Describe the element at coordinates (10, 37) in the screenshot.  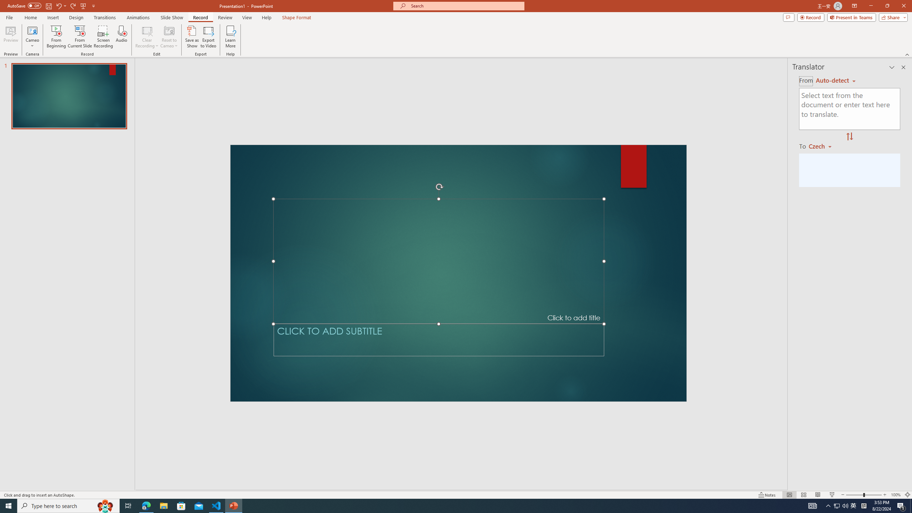
I see `'Preview'` at that location.